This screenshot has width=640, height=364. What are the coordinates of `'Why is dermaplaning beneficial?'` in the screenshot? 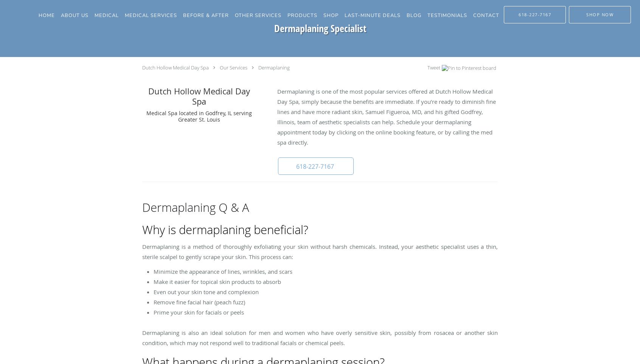 It's located at (225, 230).